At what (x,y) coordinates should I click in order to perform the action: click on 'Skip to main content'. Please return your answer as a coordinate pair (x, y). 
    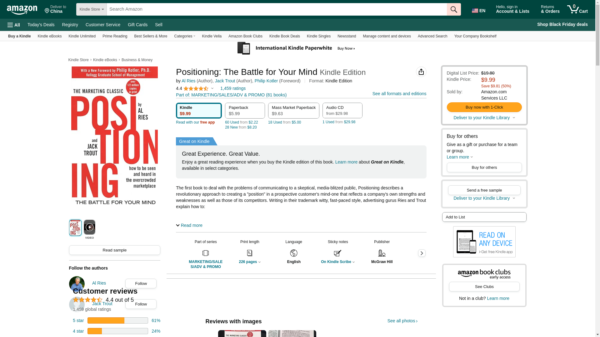
    Looking at the image, I should click on (25, 8).